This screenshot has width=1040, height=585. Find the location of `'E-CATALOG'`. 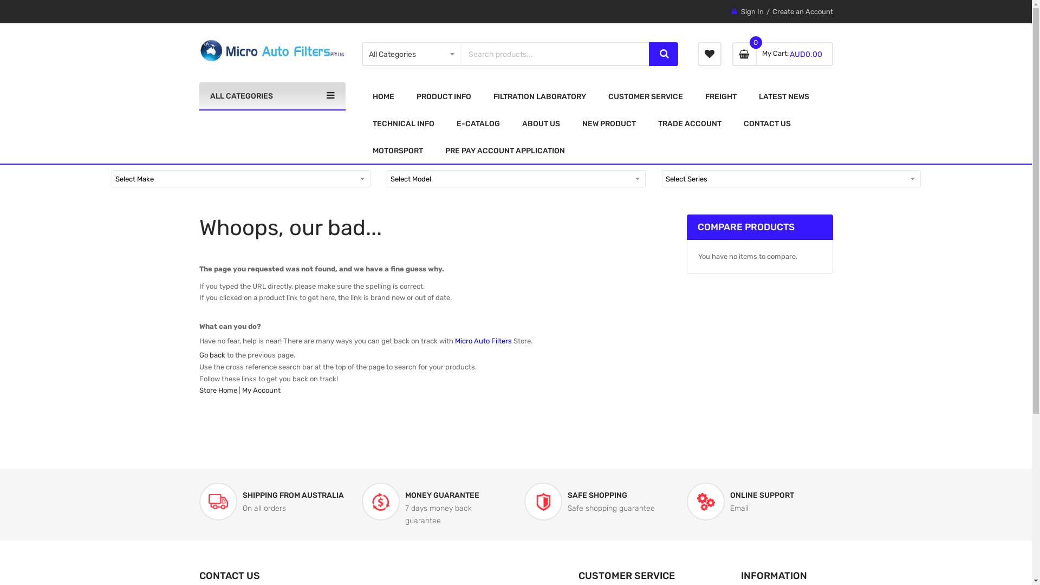

'E-CATALOG' is located at coordinates (477, 122).